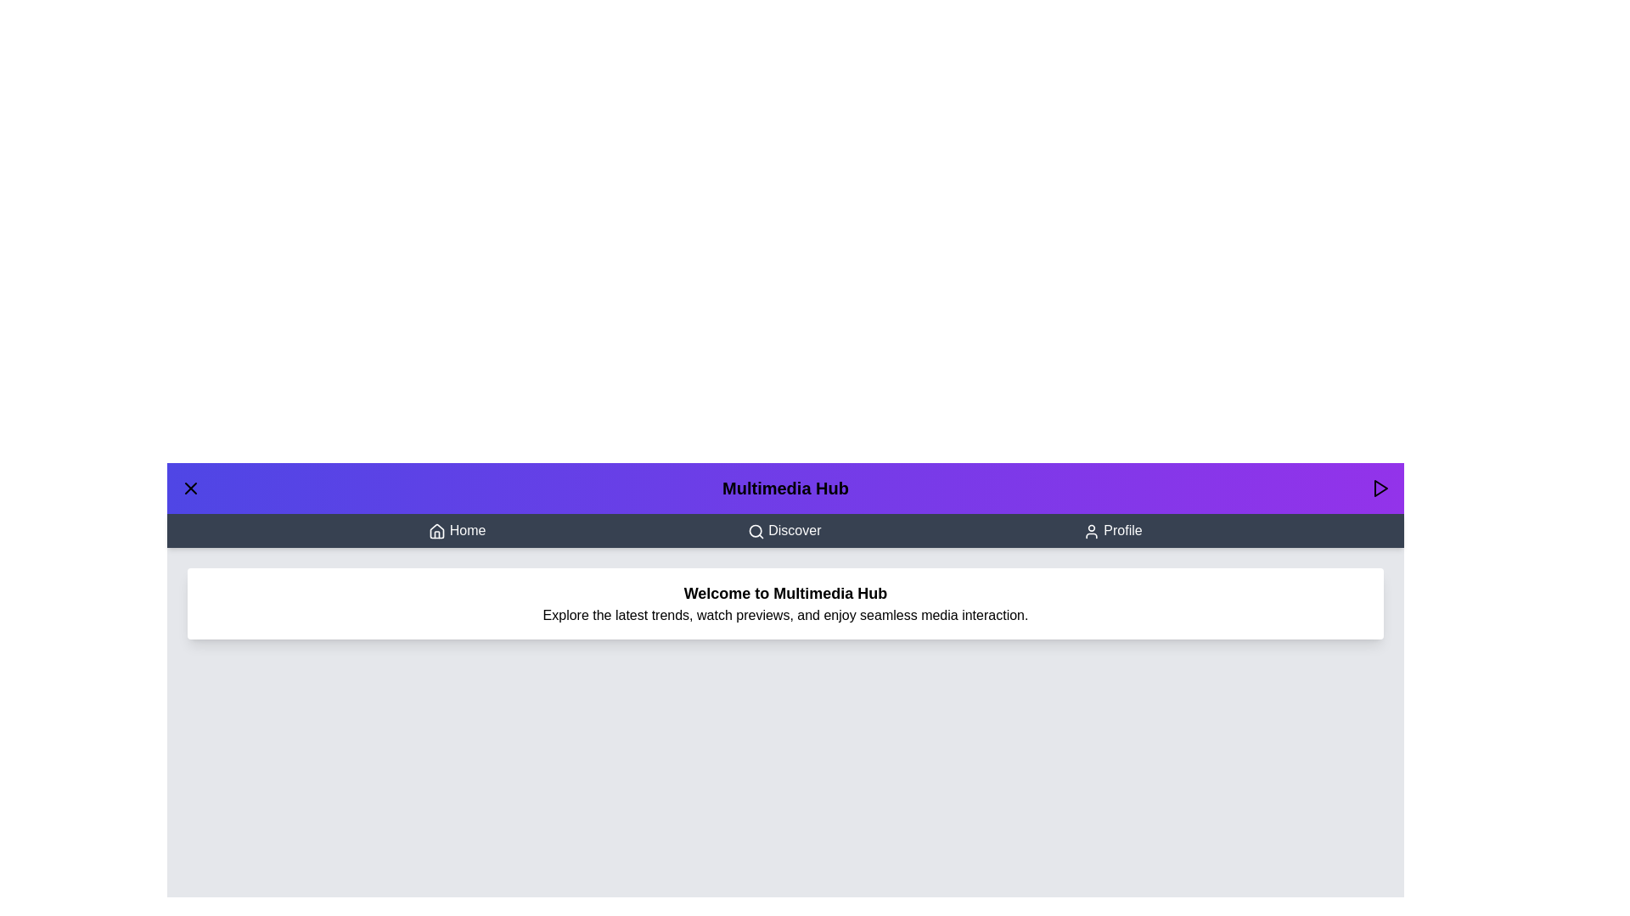 The image size is (1630, 916). What do you see at coordinates (456, 529) in the screenshot?
I see `the 'Home' button to navigate to the Home section` at bounding box center [456, 529].